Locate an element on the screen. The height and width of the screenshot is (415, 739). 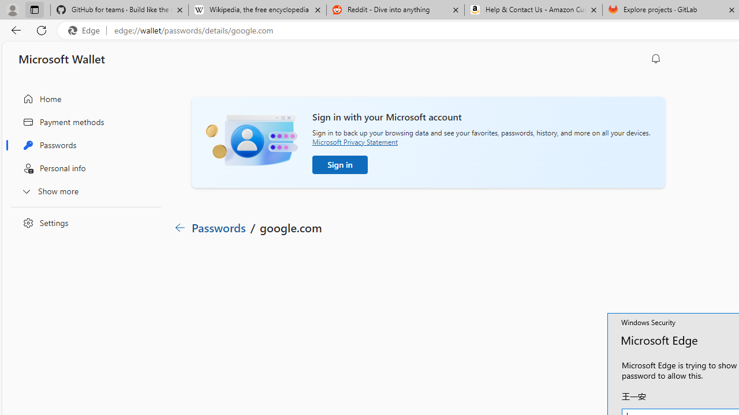
'Payment methods' is located at coordinates (83, 122).